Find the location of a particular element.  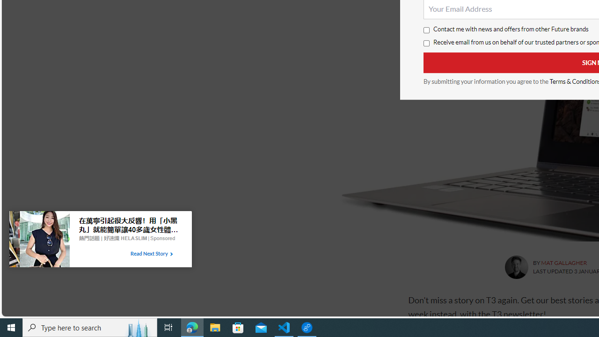

'Image for Taboola Advertising Unit' is located at coordinates (39, 241).